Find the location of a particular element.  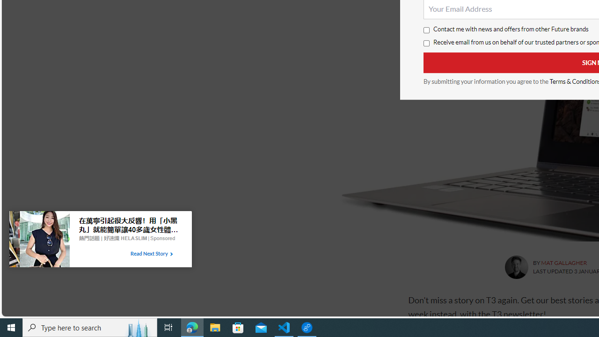

'Image for Taboola Advertising Unit' is located at coordinates (39, 241).